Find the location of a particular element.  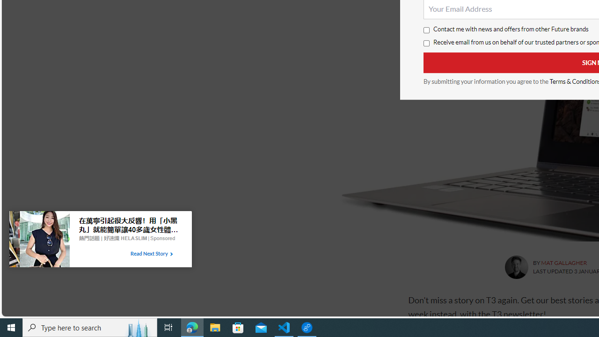

'Image for Taboola Advertising Unit' is located at coordinates (39, 241).